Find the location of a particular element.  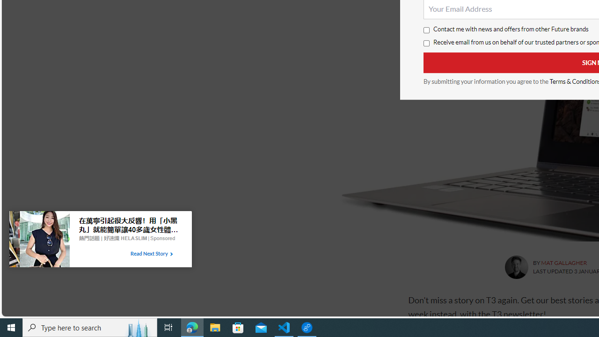

'Image for Taboola Advertising Unit' is located at coordinates (39, 241).